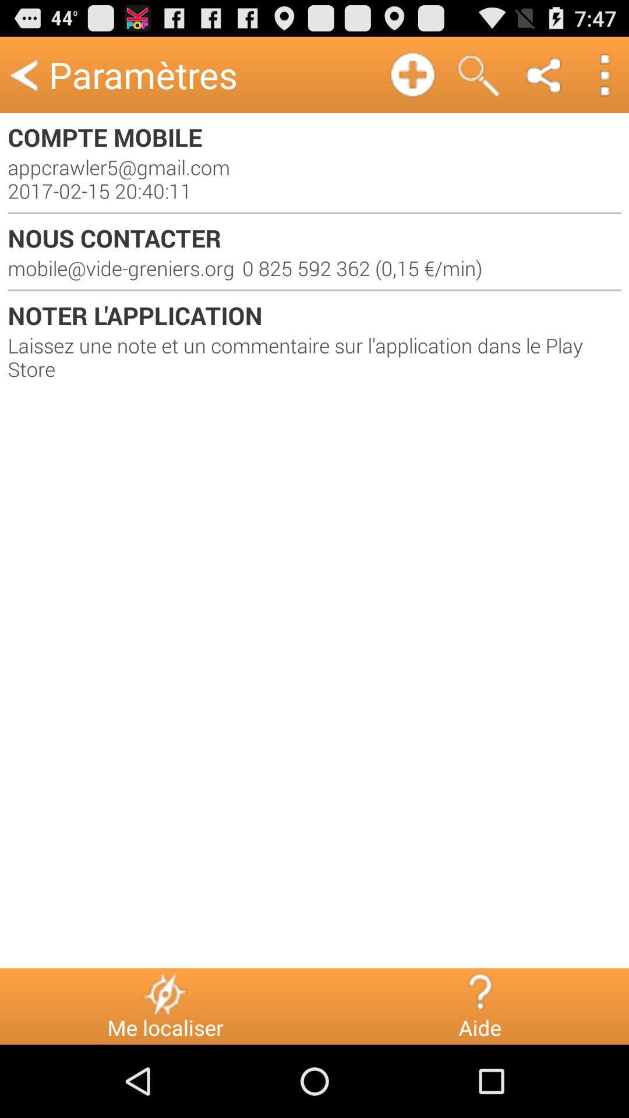  Describe the element at coordinates (314, 178) in the screenshot. I see `appcrawler5 gmail com item` at that location.